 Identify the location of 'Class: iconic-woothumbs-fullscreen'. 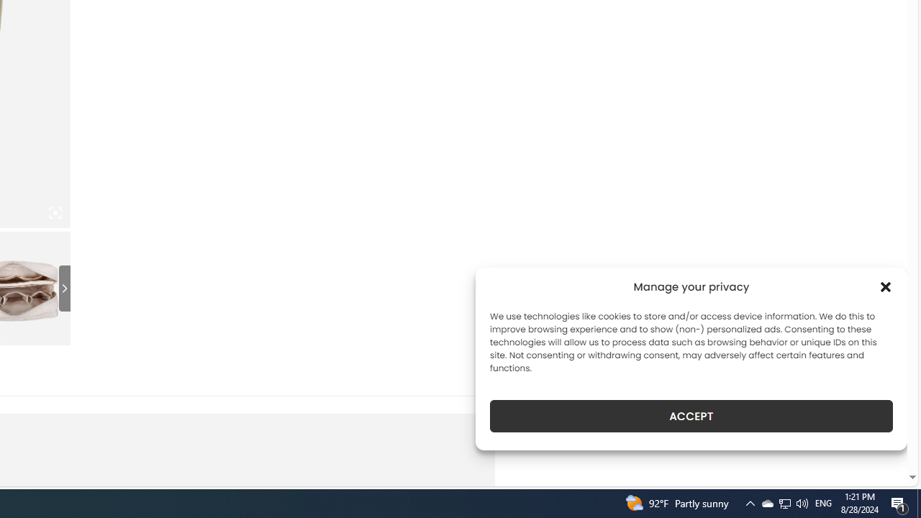
(55, 213).